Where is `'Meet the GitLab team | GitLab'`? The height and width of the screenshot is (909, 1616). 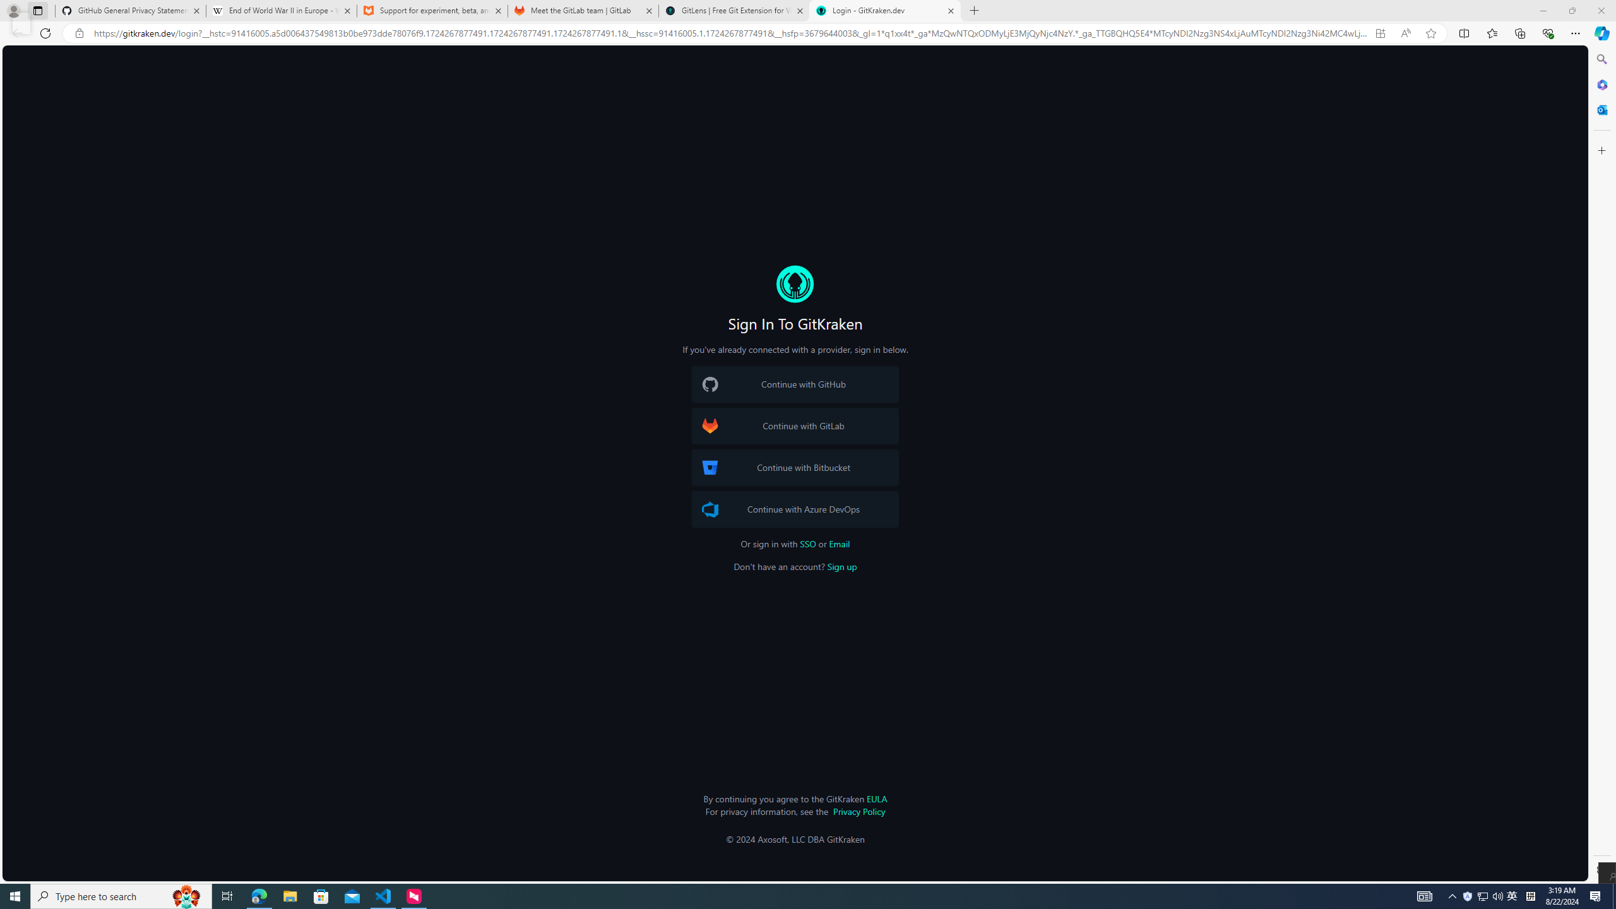
'Meet the GitLab team | GitLab' is located at coordinates (583, 10).